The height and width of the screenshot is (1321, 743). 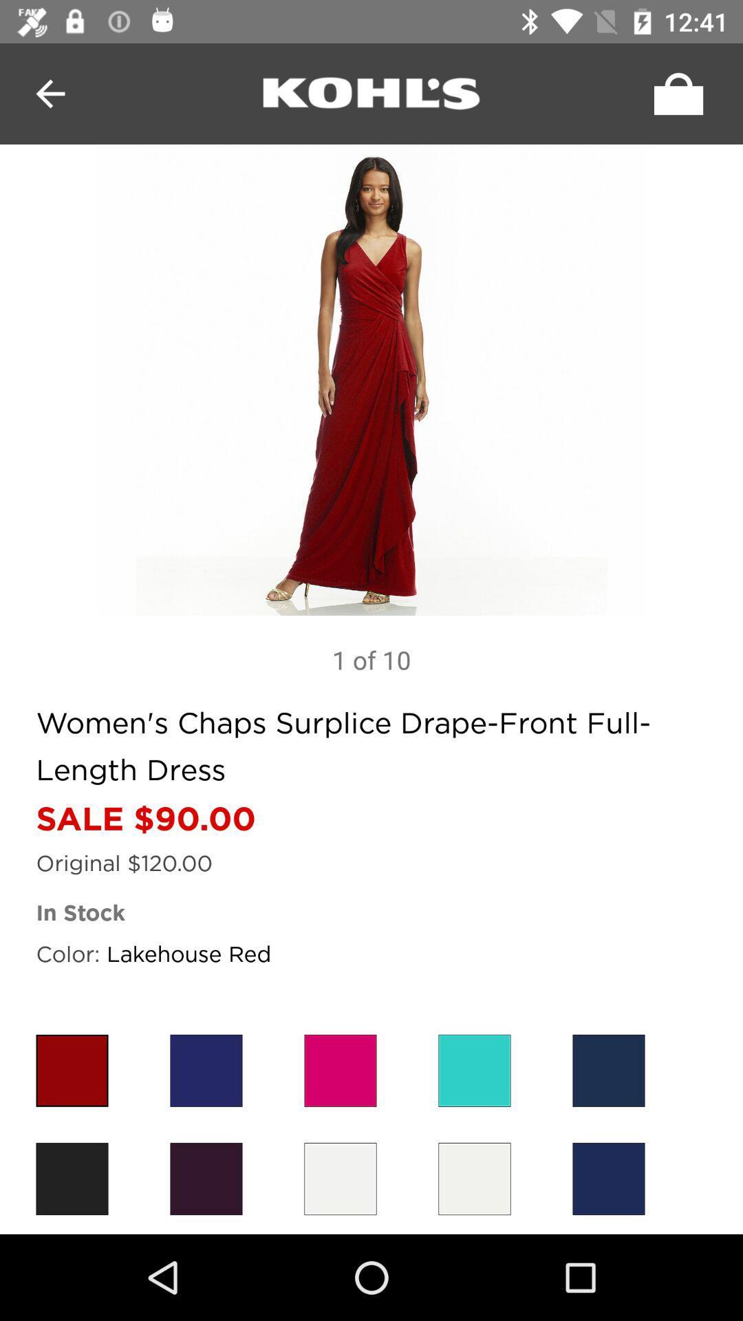 I want to click on second color button which is in the last row, so click(x=206, y=1178).